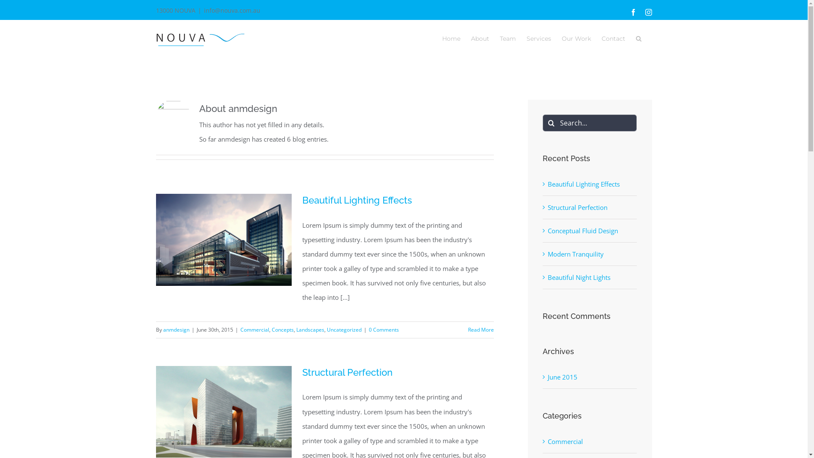 The height and width of the screenshot is (458, 814). I want to click on 'Concepts', so click(282, 329).